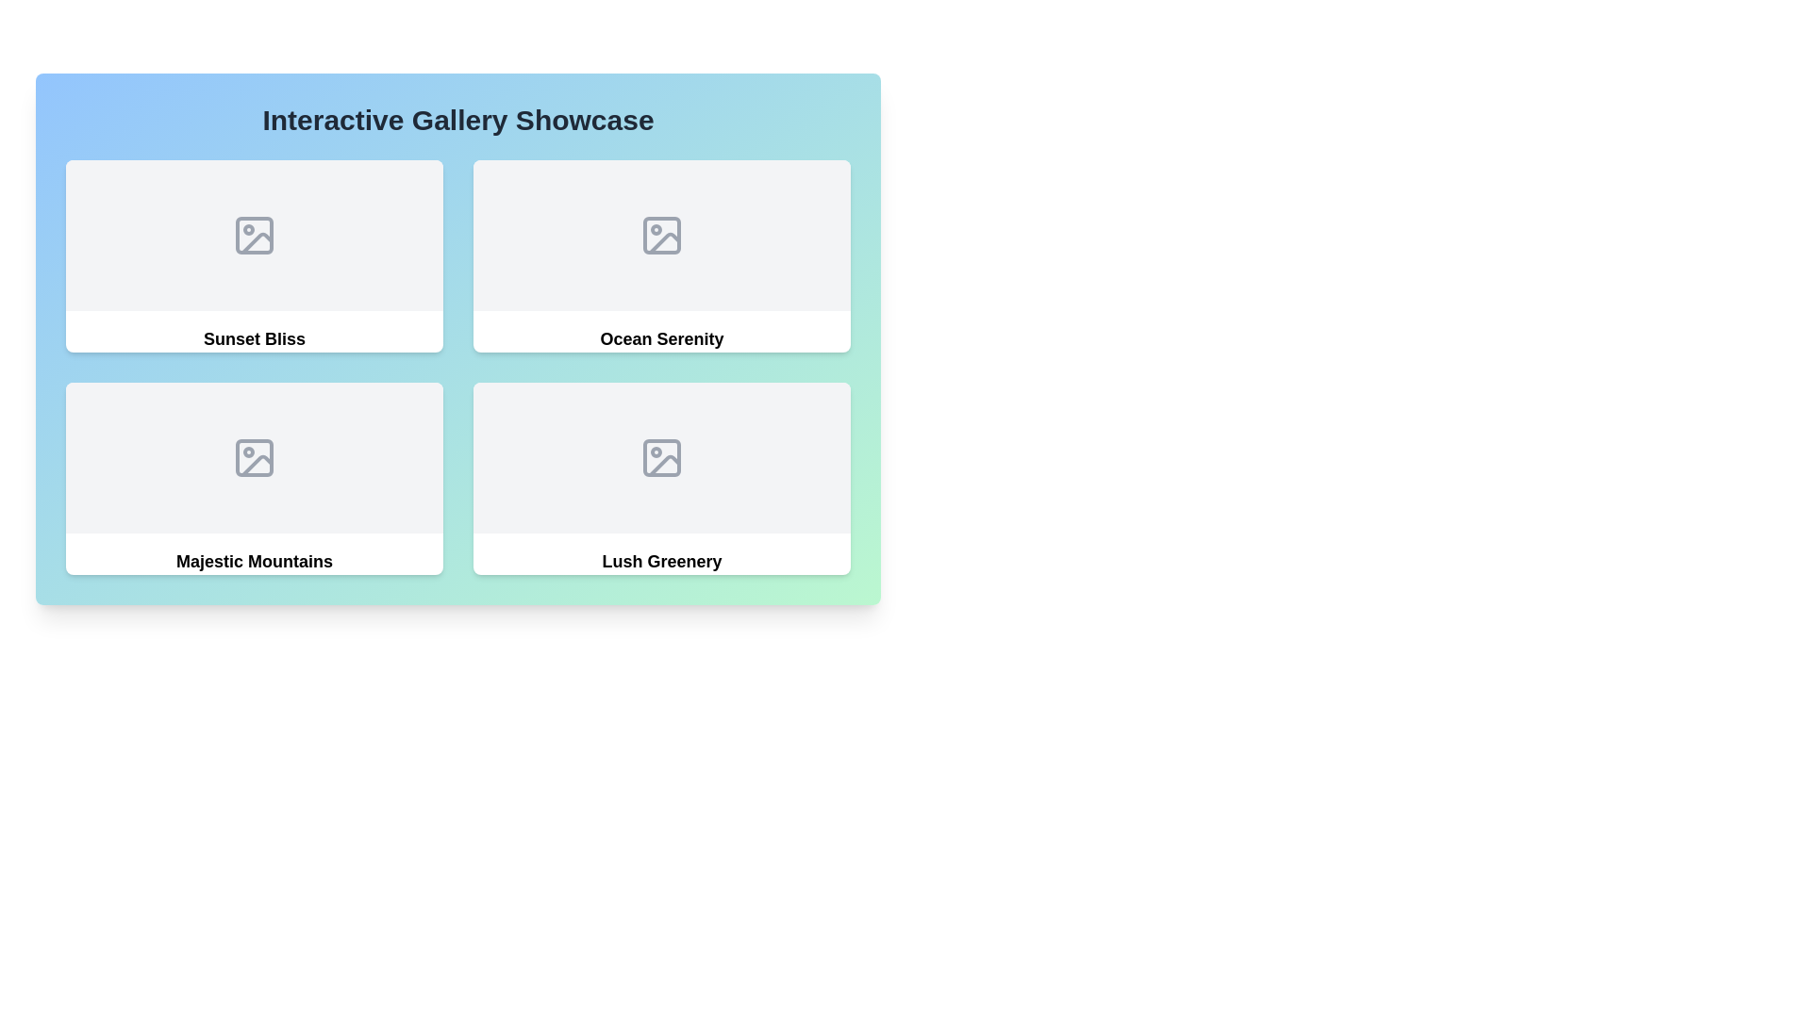  I want to click on text label 'Lush Greenery' located at the bottom-center of the fourth card in a grid layout, which is styled as a distinct label below an icon element, so click(661, 561).